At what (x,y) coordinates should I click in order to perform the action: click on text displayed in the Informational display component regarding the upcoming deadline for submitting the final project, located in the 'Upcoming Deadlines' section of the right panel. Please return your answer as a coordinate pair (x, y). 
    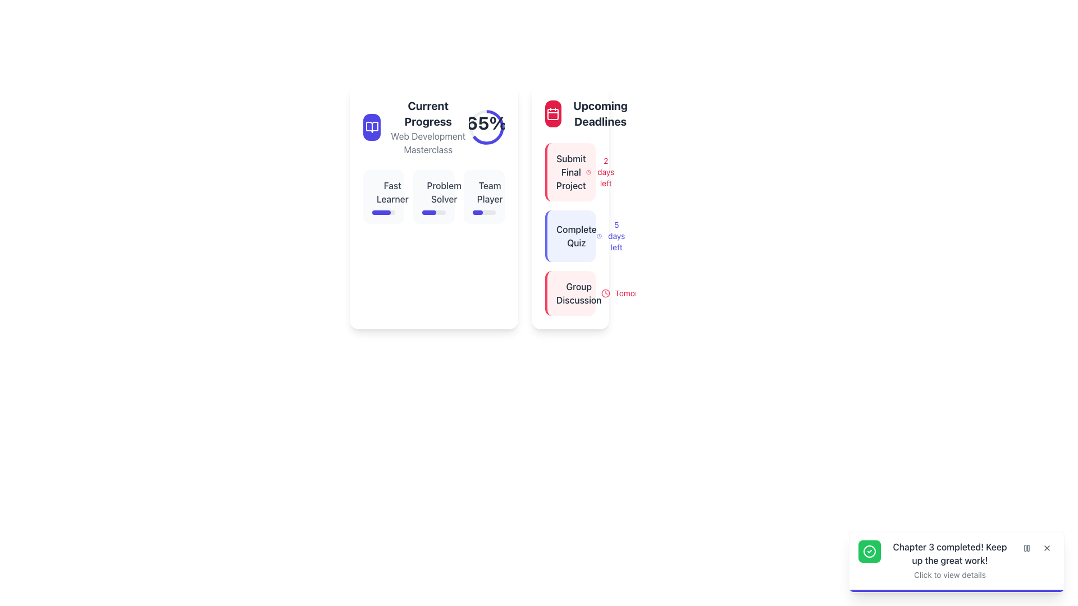
    Looking at the image, I should click on (571, 172).